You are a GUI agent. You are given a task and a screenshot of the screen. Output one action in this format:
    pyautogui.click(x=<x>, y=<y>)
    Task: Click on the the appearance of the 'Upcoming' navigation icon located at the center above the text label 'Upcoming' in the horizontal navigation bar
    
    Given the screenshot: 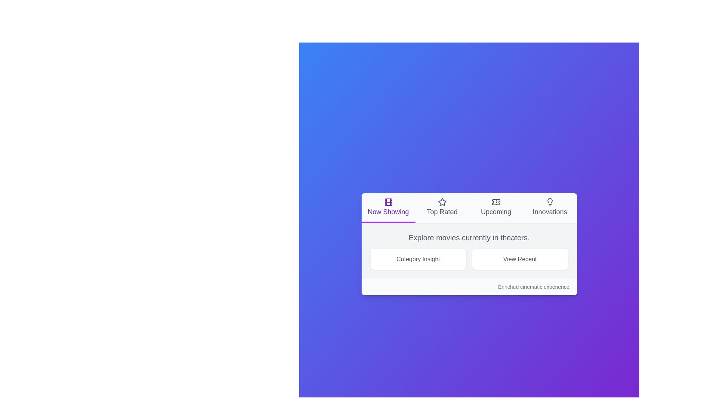 What is the action you would take?
    pyautogui.click(x=496, y=202)
    